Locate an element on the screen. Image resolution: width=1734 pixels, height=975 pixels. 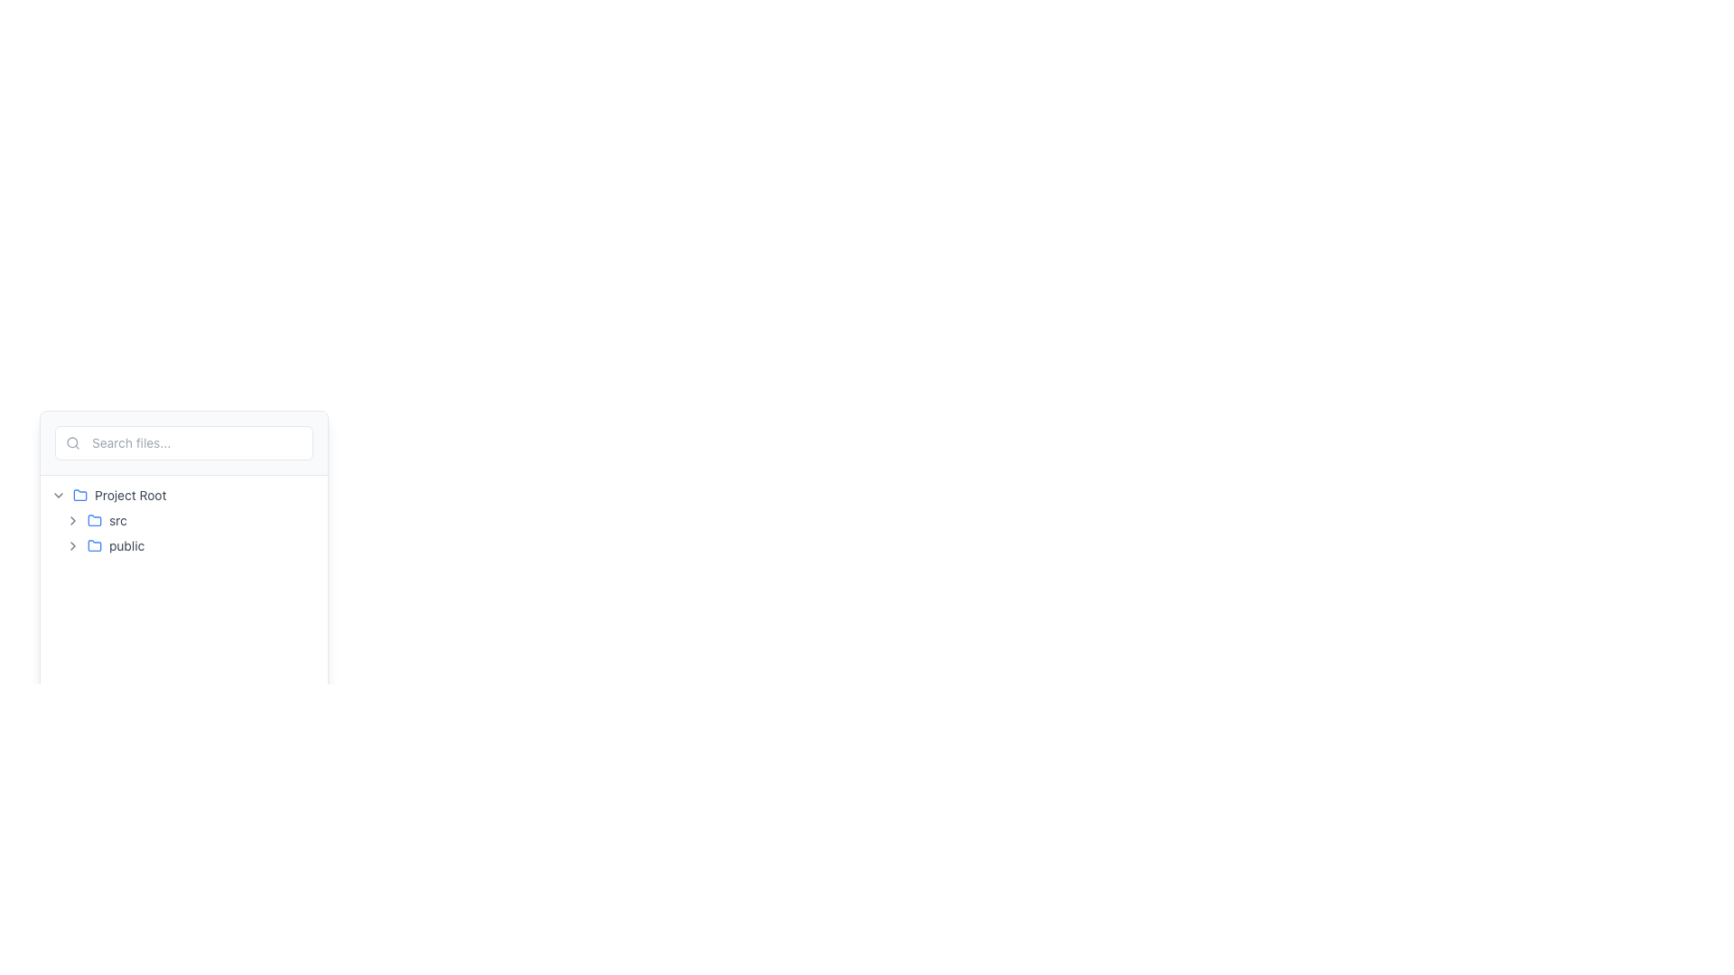
the 'src' folder label located in the sidebar section, specifically in the second row under the 'Project Root' directory is located at coordinates (95, 521).